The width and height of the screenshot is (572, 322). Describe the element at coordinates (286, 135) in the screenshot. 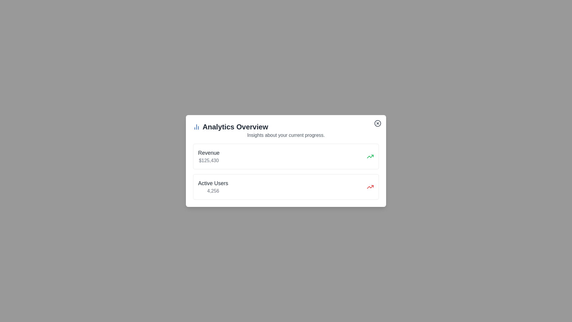

I see `the explanatory text label located below the 'Analytics Overview' header and above the categories starting with 'Revenue' and 'Active Users.'` at that location.